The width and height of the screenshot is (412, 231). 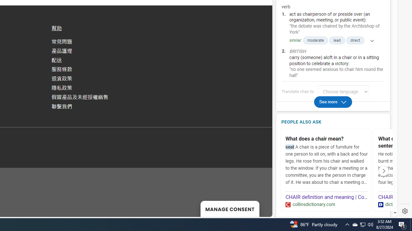 I want to click on 'MANAGE CONSENT', so click(x=230, y=209).